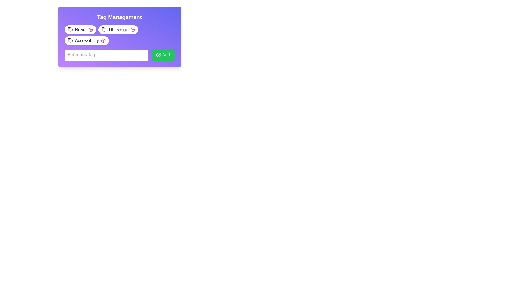 The width and height of the screenshot is (528, 297). Describe the element at coordinates (133, 30) in the screenshot. I see `the interactive red circular button with a right-facing arrow inside, positioned near the right end of the 'UI Design' tag` at that location.